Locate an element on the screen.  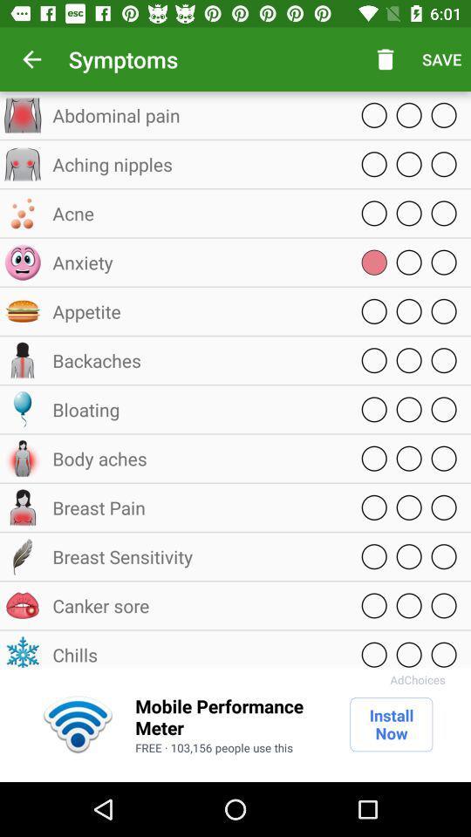
icon next to the symptoms is located at coordinates (31, 59).